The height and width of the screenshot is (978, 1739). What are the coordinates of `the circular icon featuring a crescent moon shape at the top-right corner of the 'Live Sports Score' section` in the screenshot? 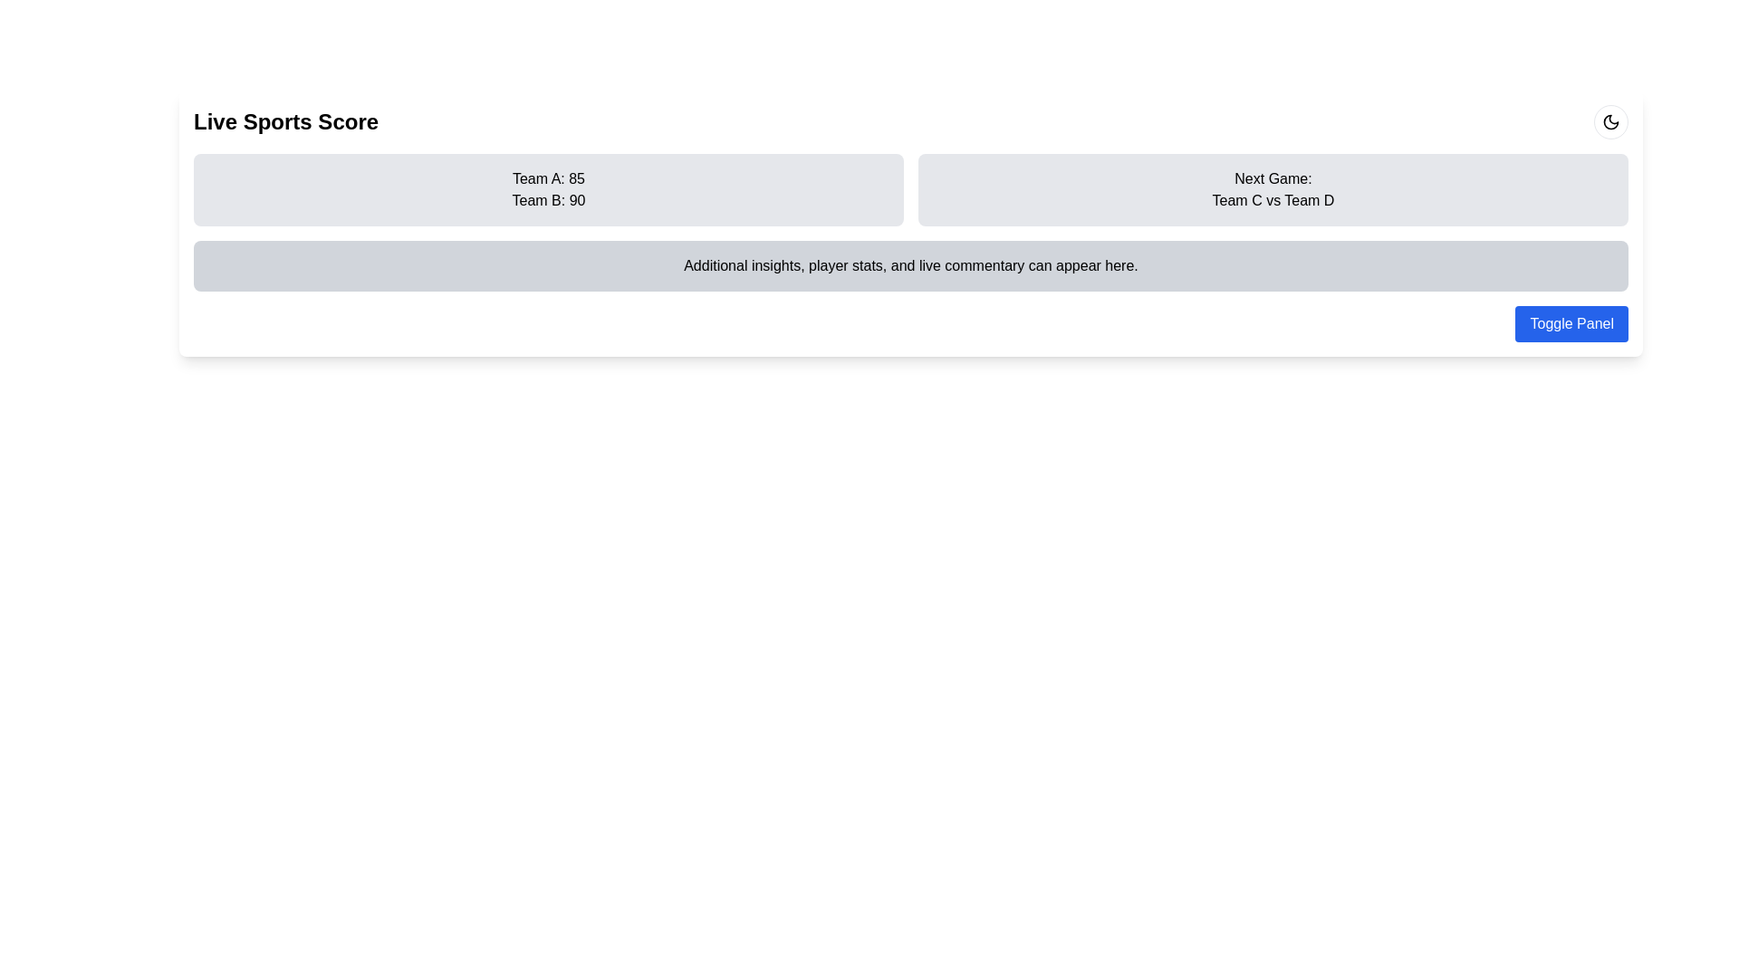 It's located at (1611, 122).